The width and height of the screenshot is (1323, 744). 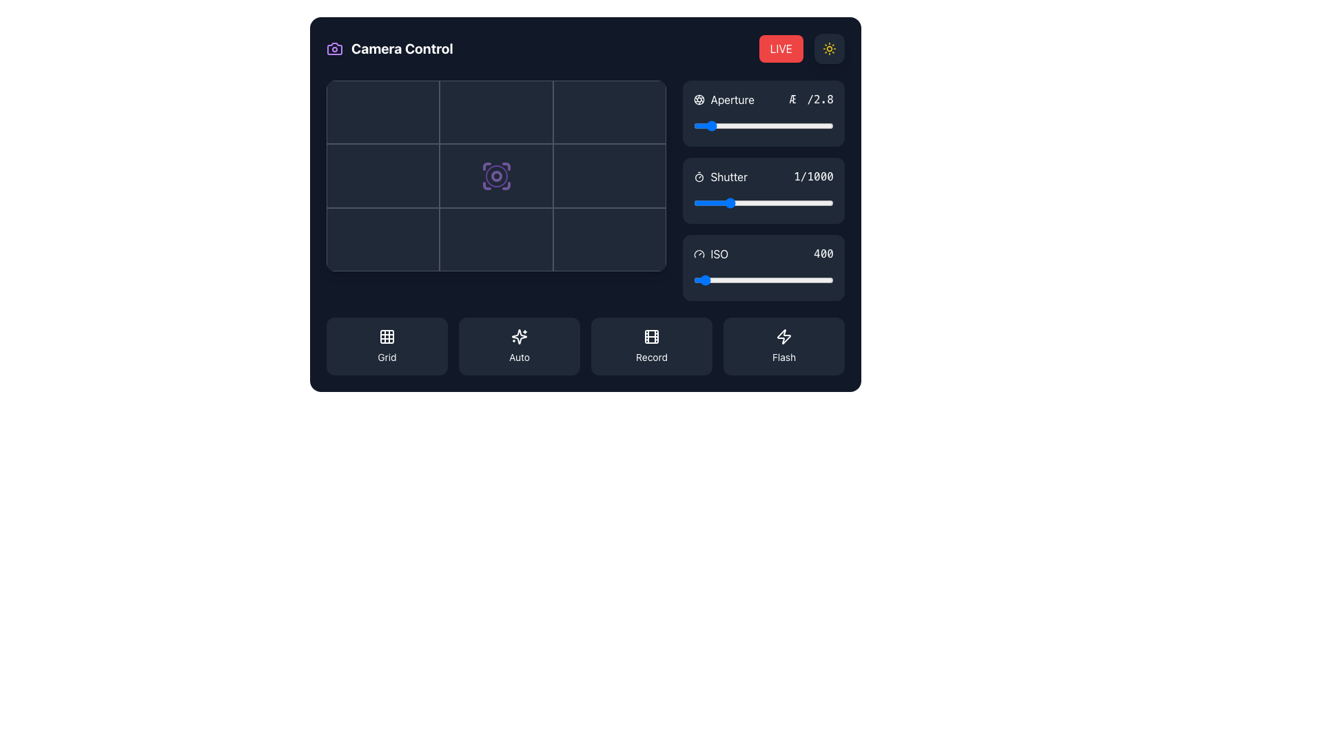 I want to click on the shutter speed, so click(x=704, y=203).